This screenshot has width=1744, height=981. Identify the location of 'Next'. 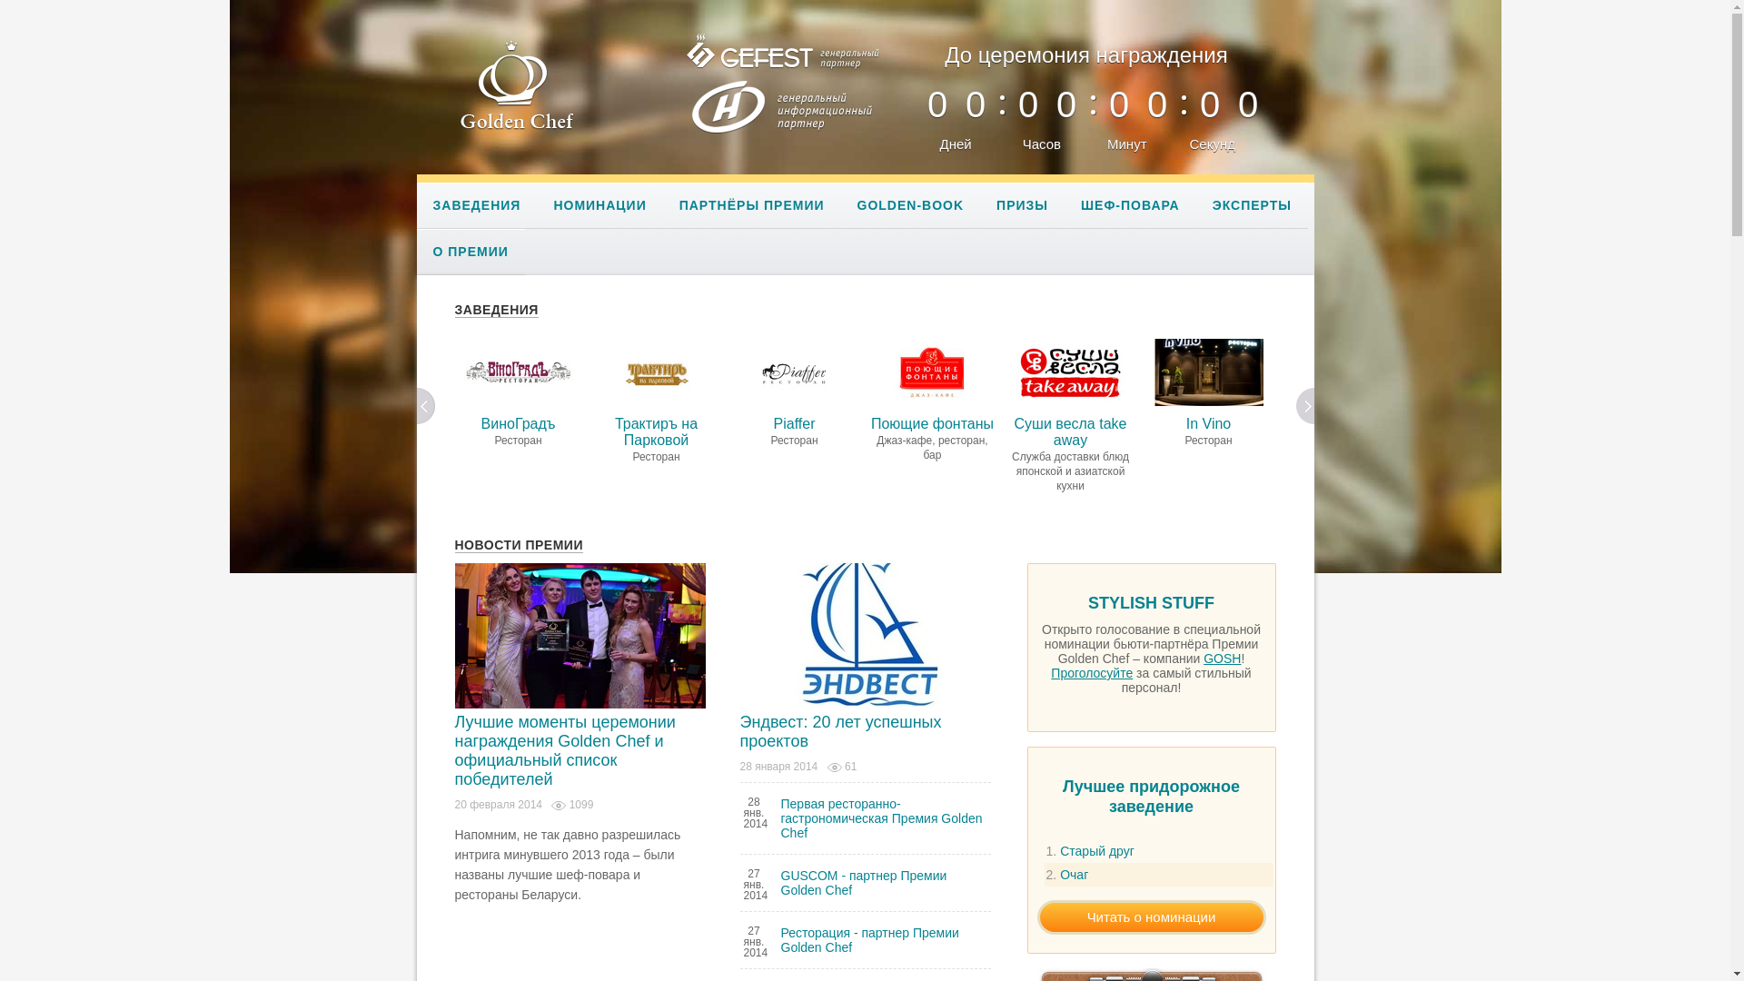
(1305, 405).